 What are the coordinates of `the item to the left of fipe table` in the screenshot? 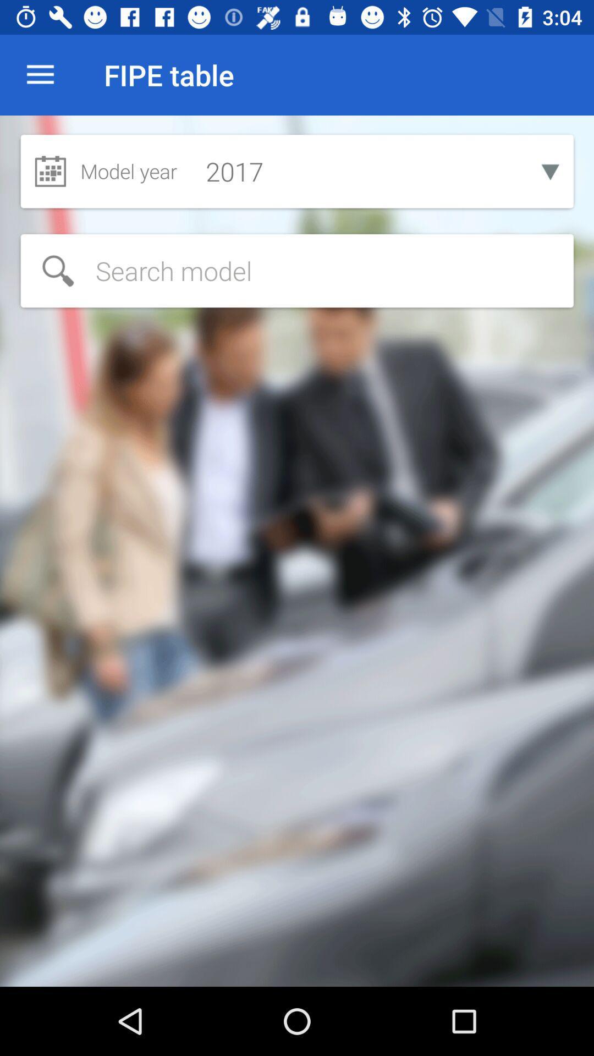 It's located at (40, 74).